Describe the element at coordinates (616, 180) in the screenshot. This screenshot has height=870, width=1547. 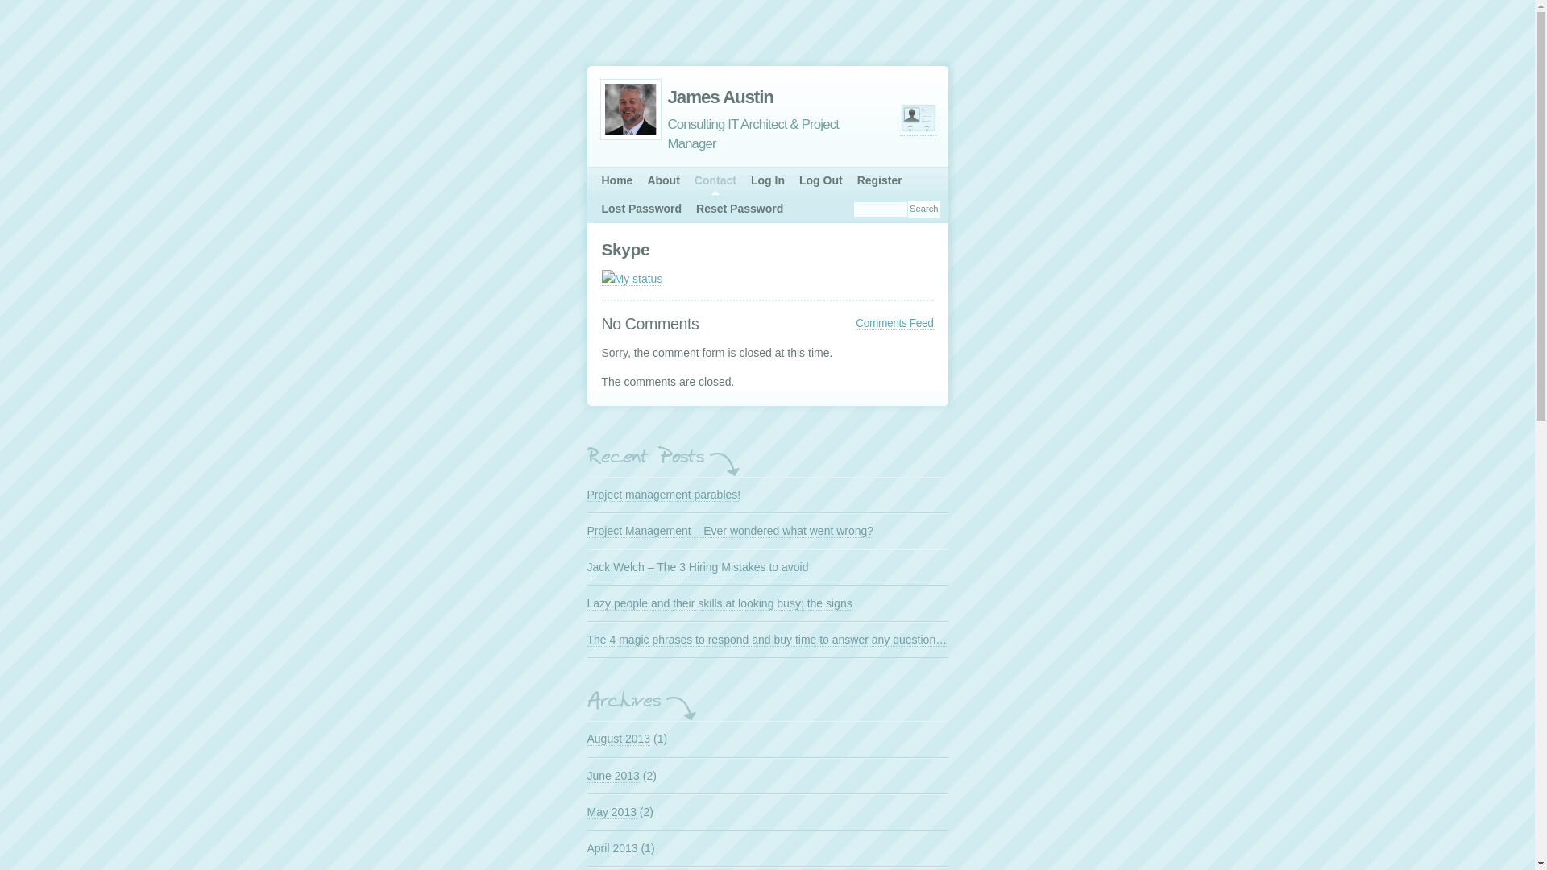
I see `'Home'` at that location.